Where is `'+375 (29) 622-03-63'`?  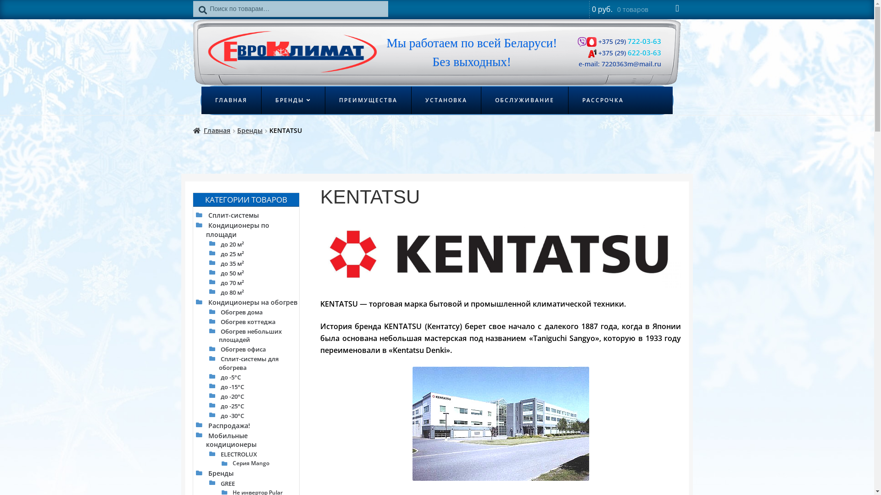 '+375 (29) 622-03-63' is located at coordinates (628, 53).